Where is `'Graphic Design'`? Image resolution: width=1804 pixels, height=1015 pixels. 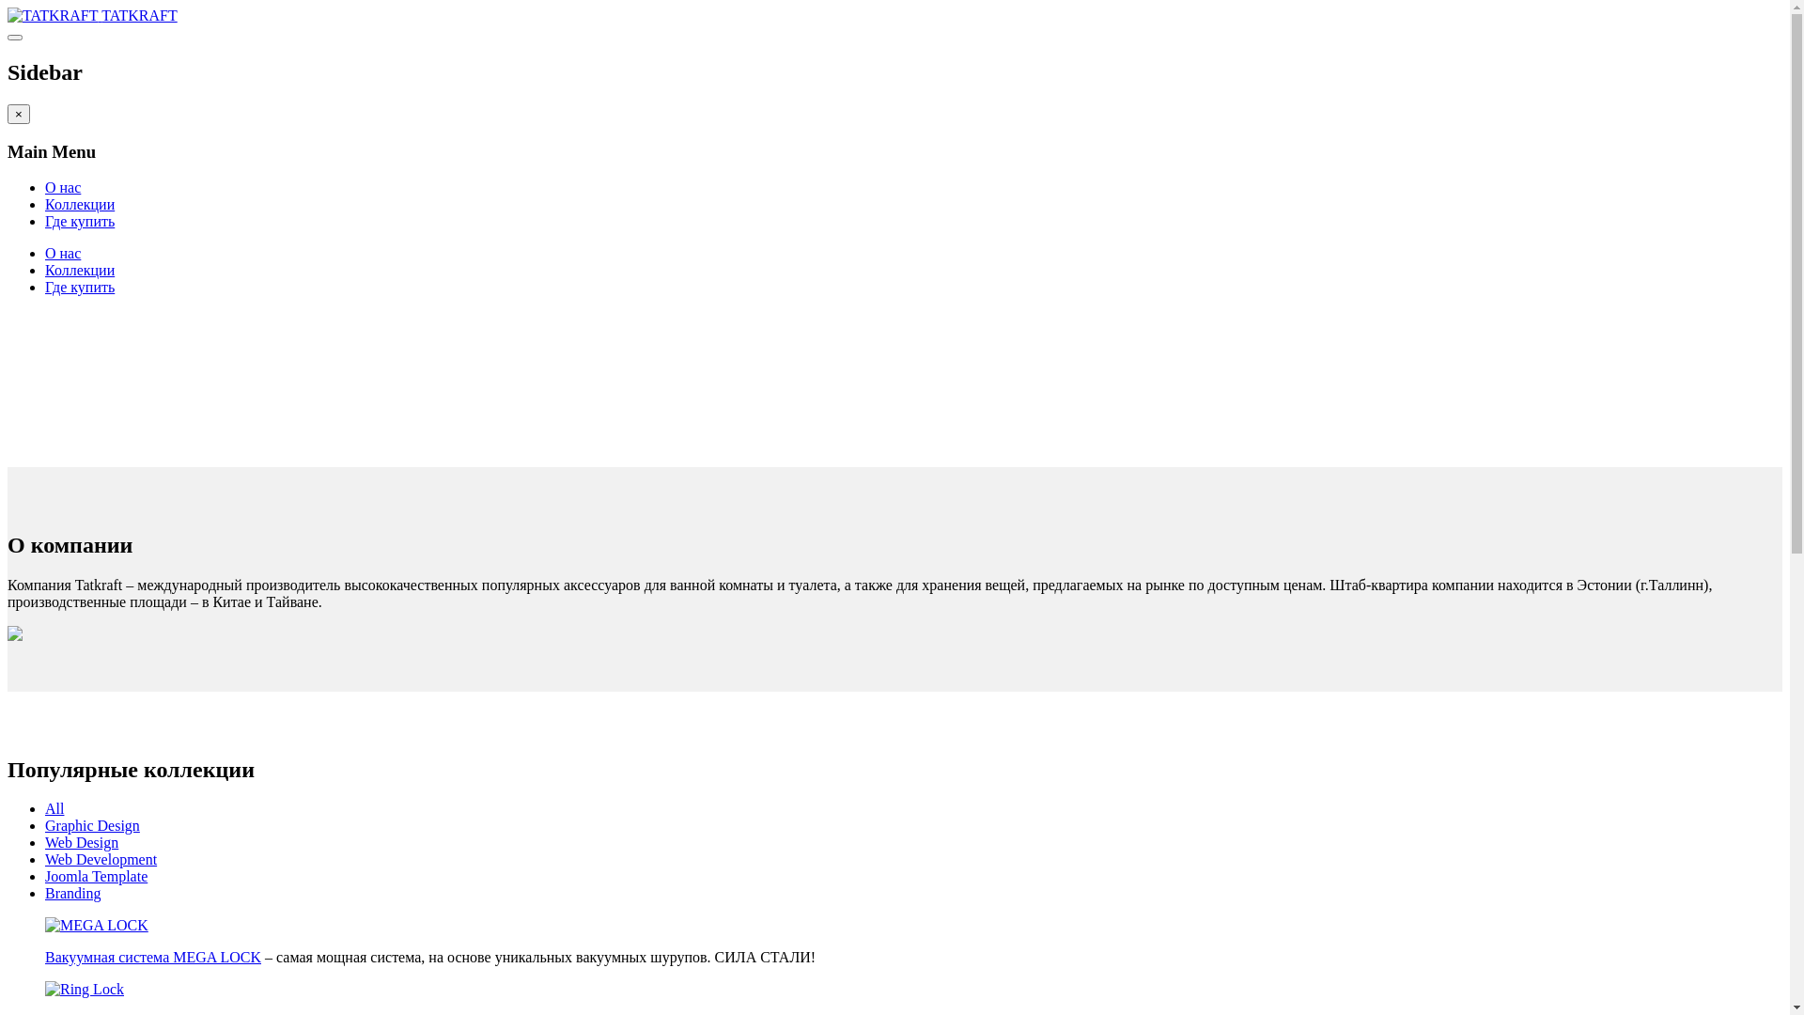
'Graphic Design' is located at coordinates (91, 824).